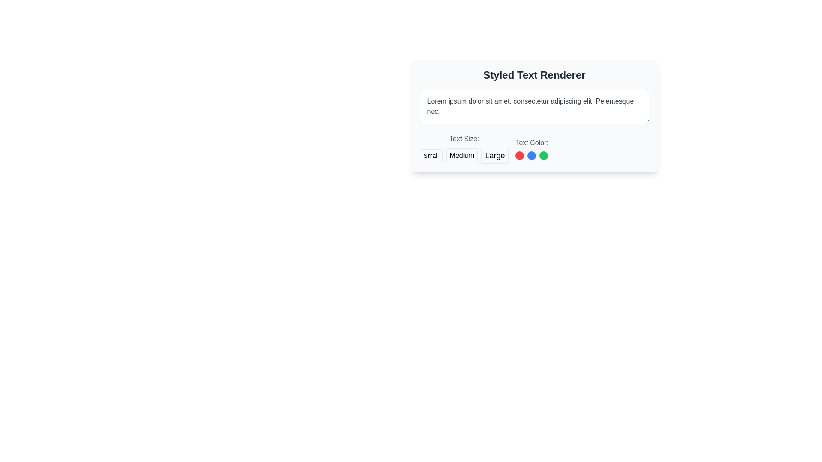 This screenshot has height=462, width=822. What do you see at coordinates (531, 142) in the screenshot?
I see `the label that describes the functionality of the color selection options, which is located above three circular color buttons in the middle section of the interface` at bounding box center [531, 142].